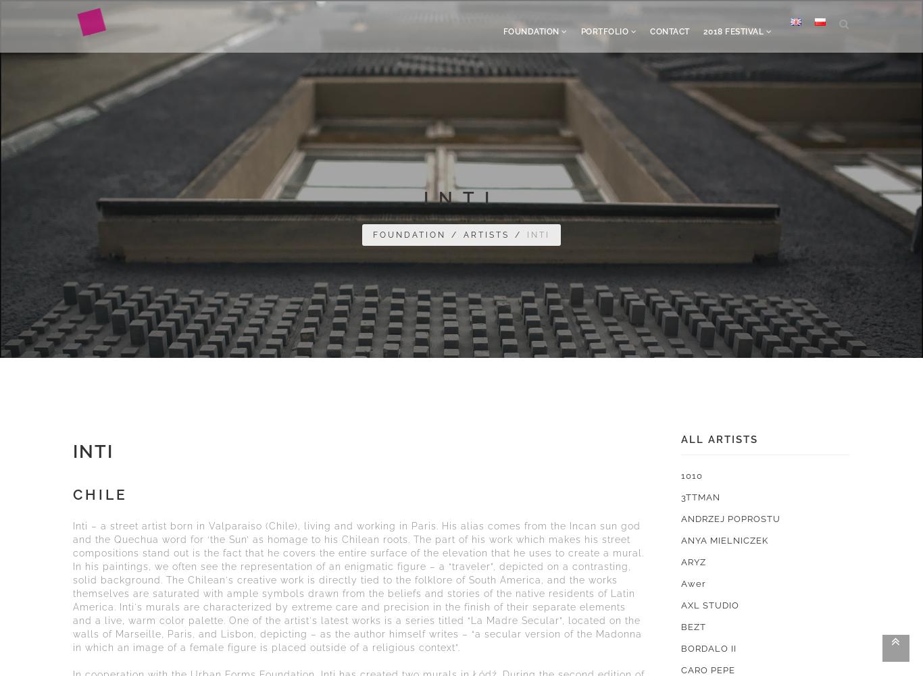 This screenshot has height=676, width=923. Describe the element at coordinates (718, 438) in the screenshot. I see `'All artists'` at that location.